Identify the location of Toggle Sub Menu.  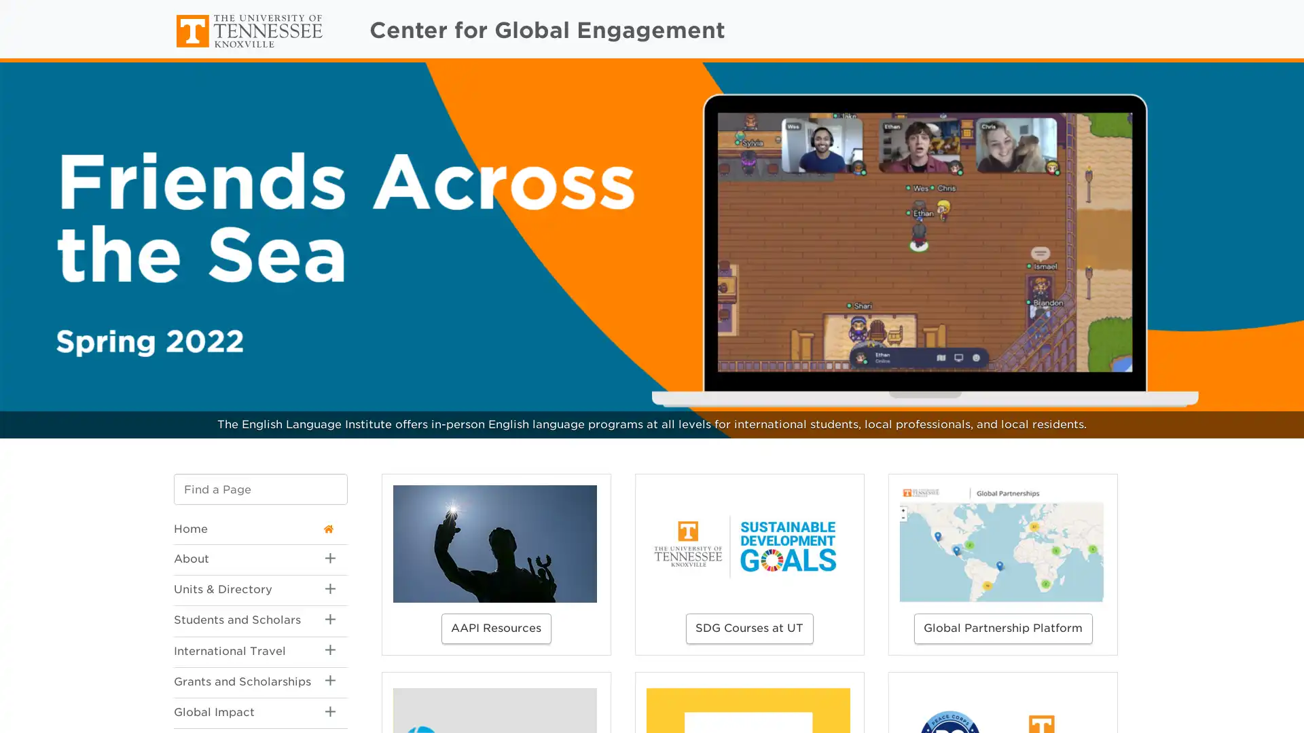
(329, 559).